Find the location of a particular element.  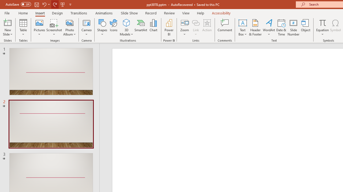

'Power BI' is located at coordinates (169, 27).